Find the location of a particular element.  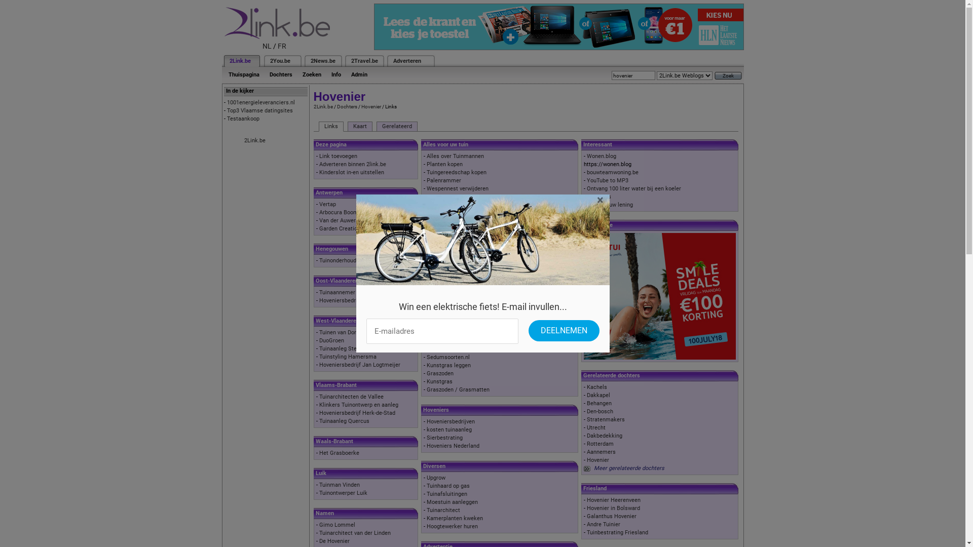

'Hovenier in Bolsward' is located at coordinates (613, 508).